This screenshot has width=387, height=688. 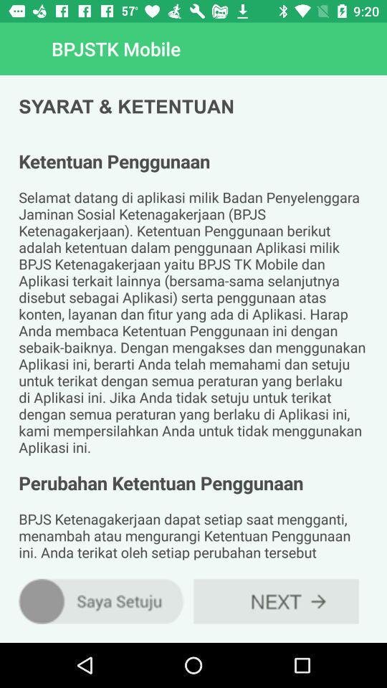 What do you see at coordinates (276, 601) in the screenshot?
I see `the item at the bottom right corner` at bounding box center [276, 601].